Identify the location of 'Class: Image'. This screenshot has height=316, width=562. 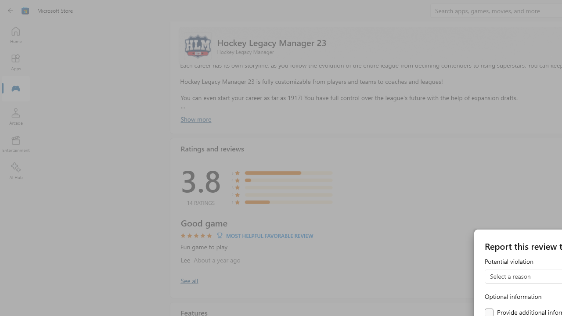
(25, 11).